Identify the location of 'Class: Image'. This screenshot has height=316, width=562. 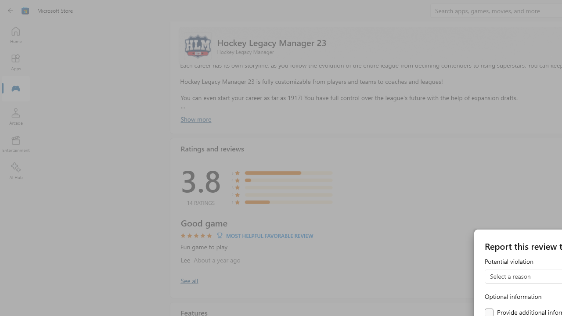
(25, 11).